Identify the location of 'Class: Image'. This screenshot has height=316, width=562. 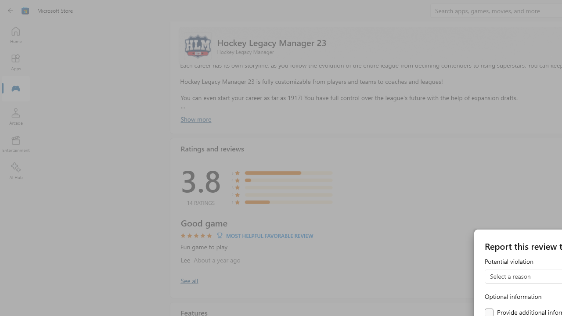
(25, 11).